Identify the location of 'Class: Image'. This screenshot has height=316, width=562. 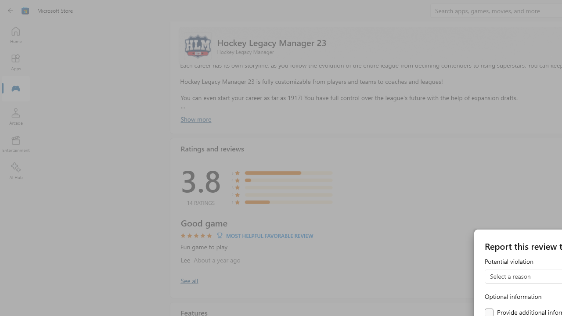
(25, 11).